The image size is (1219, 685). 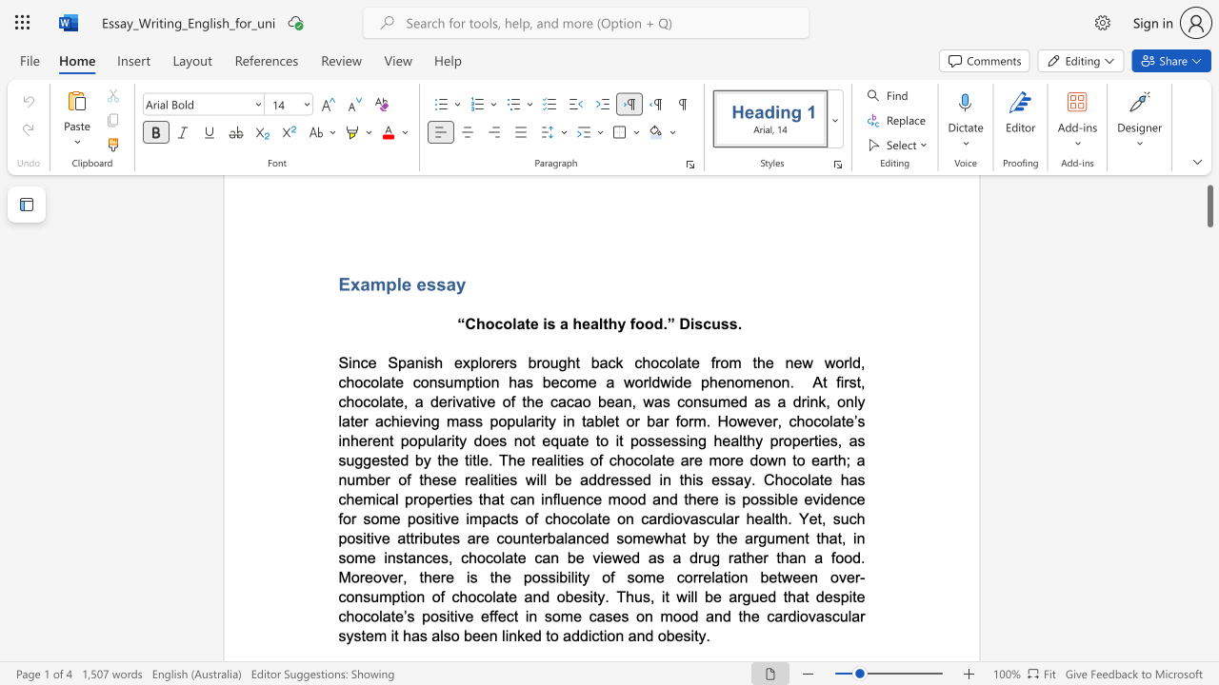 What do you see at coordinates (1209, 206) in the screenshot?
I see `the scrollbar and move down 1100 pixels` at bounding box center [1209, 206].